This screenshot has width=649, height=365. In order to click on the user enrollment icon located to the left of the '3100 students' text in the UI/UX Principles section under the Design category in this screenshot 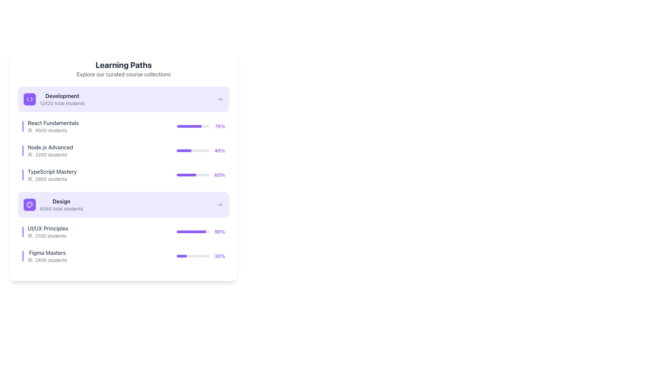, I will do `click(30, 236)`.